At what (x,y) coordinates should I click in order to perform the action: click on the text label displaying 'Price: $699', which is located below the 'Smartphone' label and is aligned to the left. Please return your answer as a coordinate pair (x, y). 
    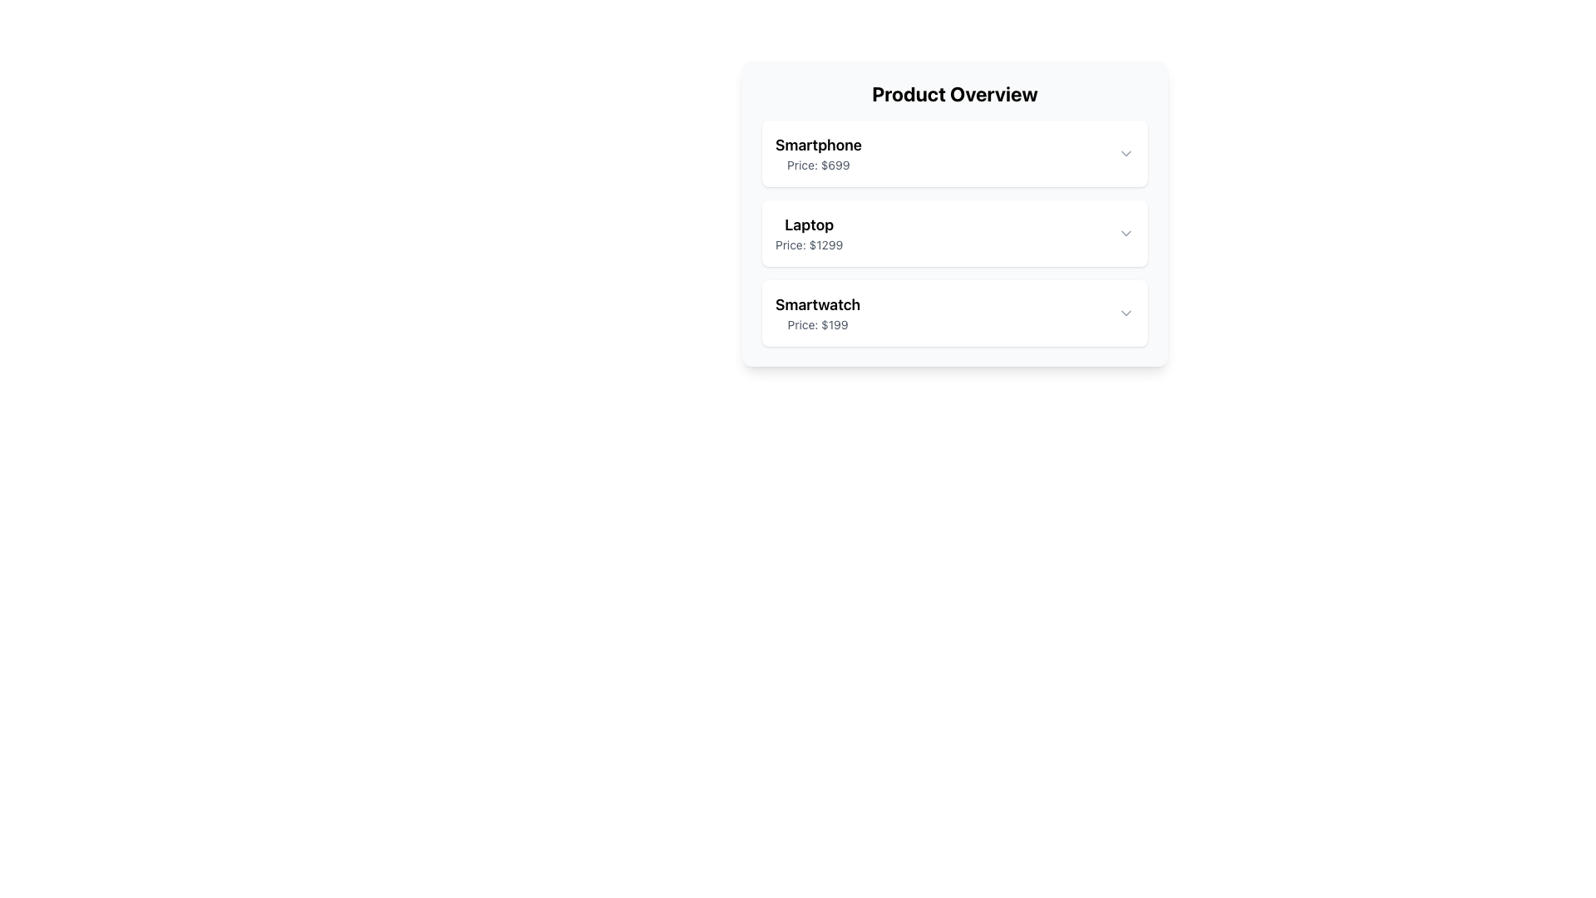
    Looking at the image, I should click on (818, 165).